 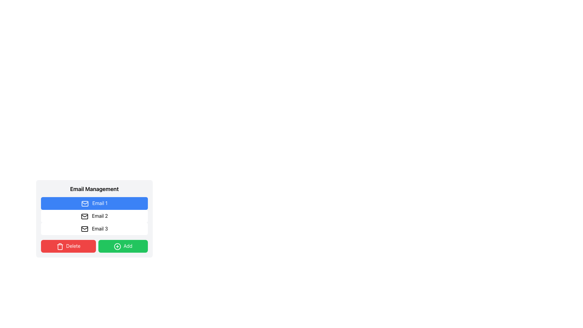 What do you see at coordinates (94, 203) in the screenshot?
I see `the blue button with the text 'Email 1' and an envelope icon, which is the first button in the vertical stack of Email Management buttons` at bounding box center [94, 203].